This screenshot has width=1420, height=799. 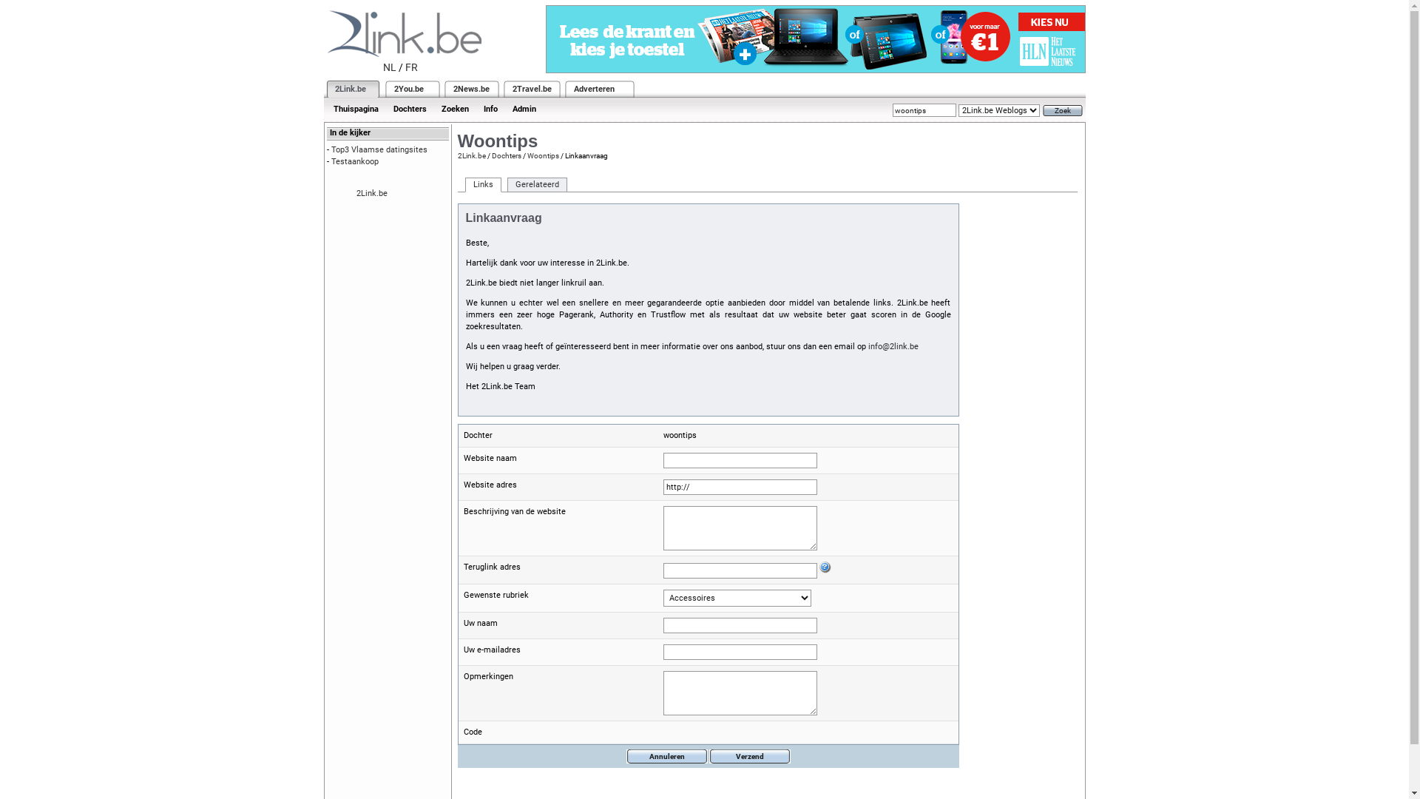 What do you see at coordinates (390, 67) in the screenshot?
I see `'NL'` at bounding box center [390, 67].